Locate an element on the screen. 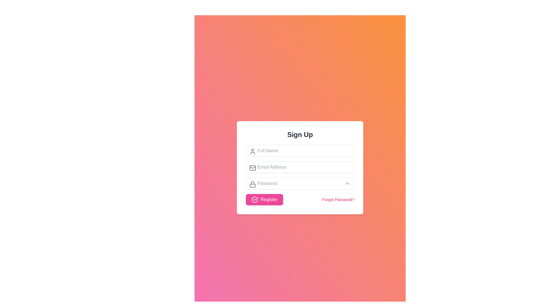  the button with an icon that toggles the password visibility, located at the far-right of the password input field is located at coordinates (347, 184).